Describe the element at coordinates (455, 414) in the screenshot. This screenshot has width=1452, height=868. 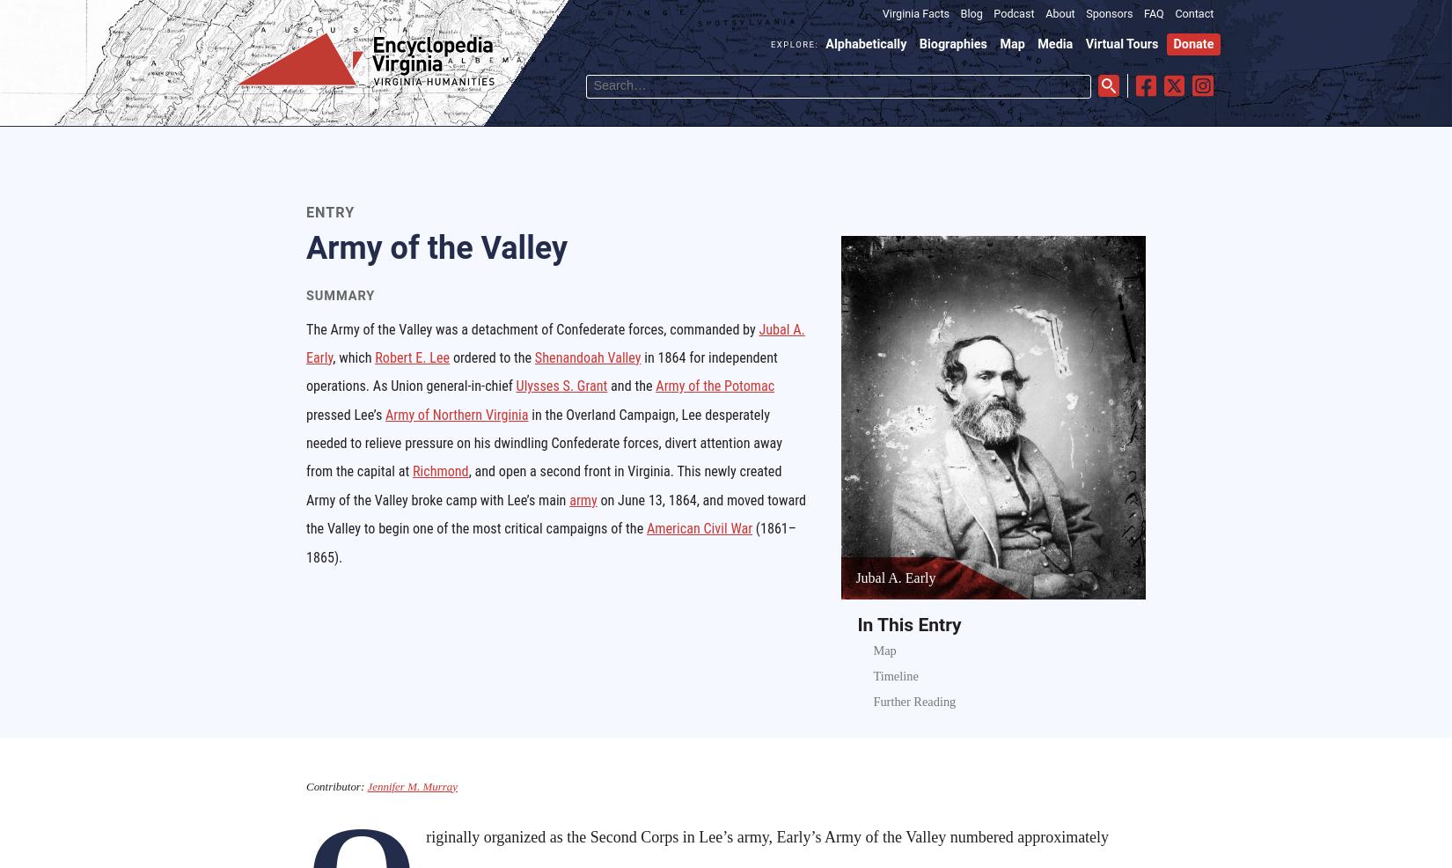
I see `'Army of Northern Virginia'` at that location.